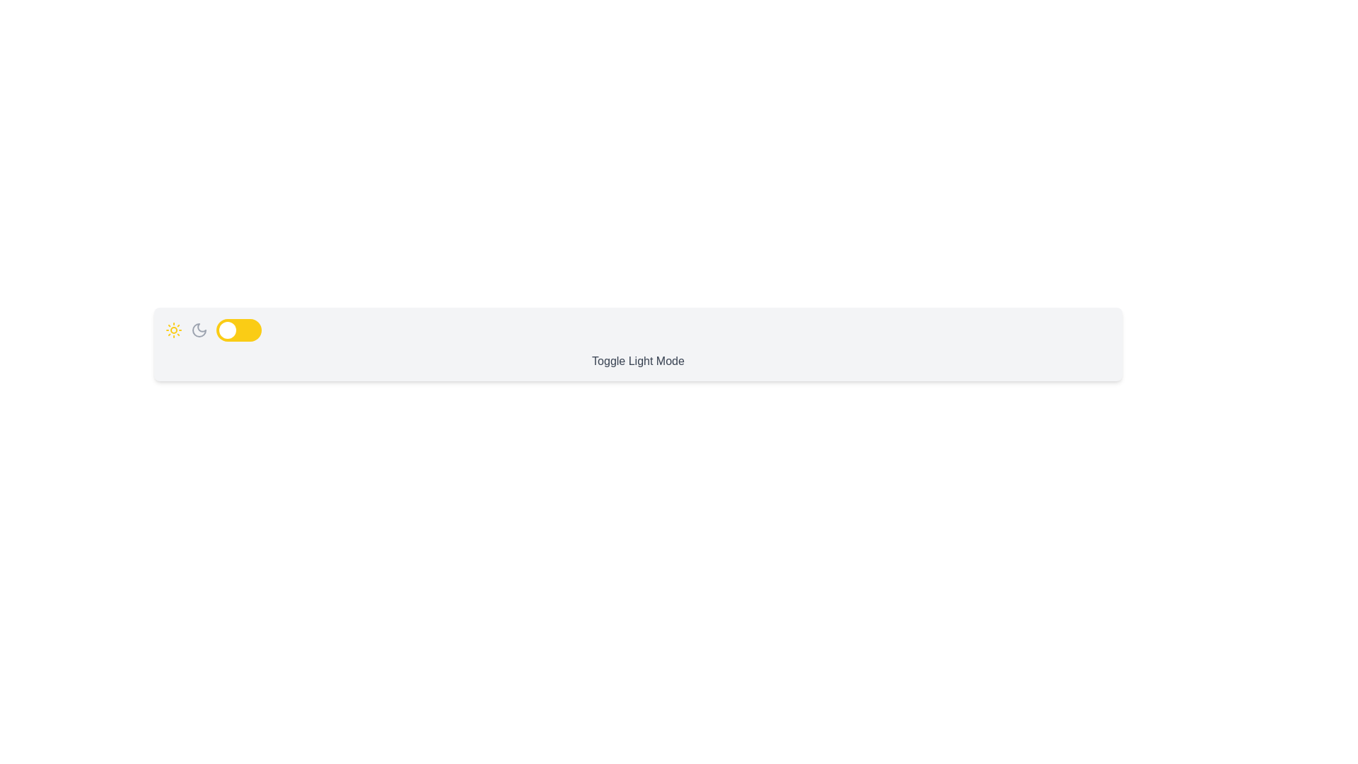  What do you see at coordinates (199, 330) in the screenshot?
I see `the nighttime icon element located between the sun icon and the toggle switch, which serves to activate a mode related to darkness` at bounding box center [199, 330].